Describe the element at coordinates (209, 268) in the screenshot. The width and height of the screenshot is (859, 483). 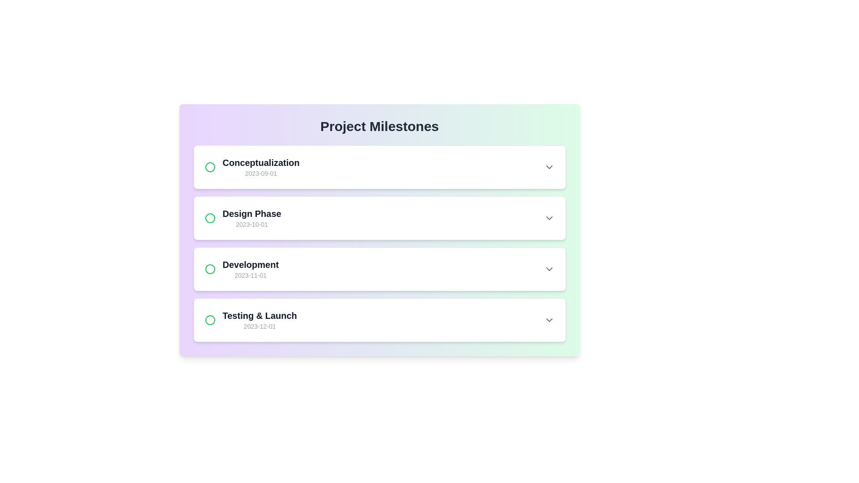
I see `the status represented by the green circular visual status indicator located to the left of the 'Development' label in the third list item of the 'Project Milestones' section` at that location.